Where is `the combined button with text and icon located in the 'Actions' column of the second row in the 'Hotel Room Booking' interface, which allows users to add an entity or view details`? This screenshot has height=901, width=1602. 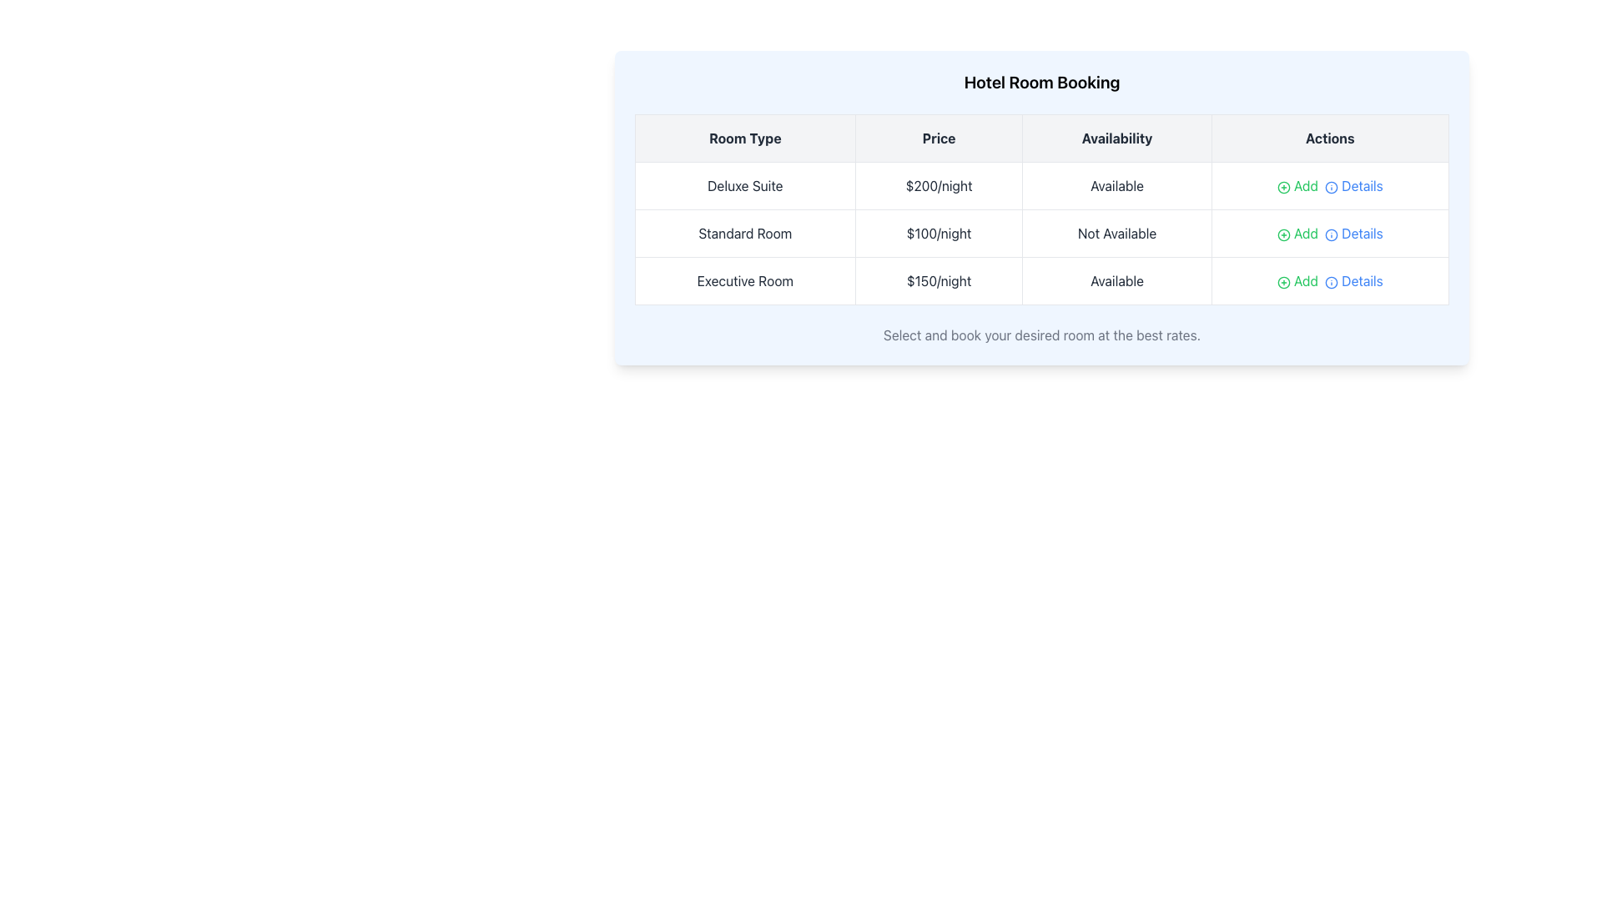 the combined button with text and icon located in the 'Actions' column of the second row in the 'Hotel Room Booking' interface, which allows users to add an entity or view details is located at coordinates (1328, 234).